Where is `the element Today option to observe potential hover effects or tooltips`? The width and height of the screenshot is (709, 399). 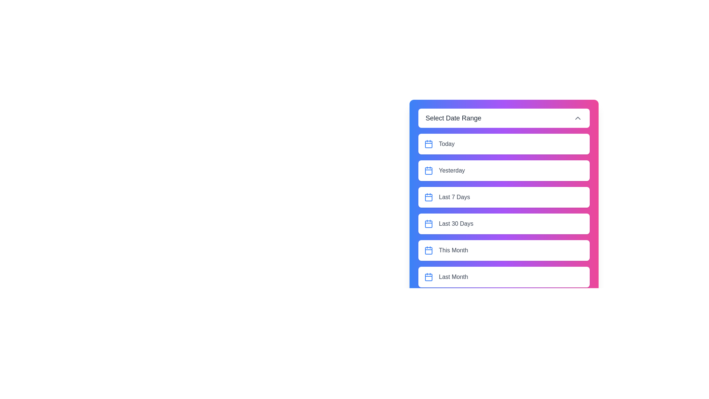 the element Today option to observe potential hover effects or tooltips is located at coordinates (503, 144).